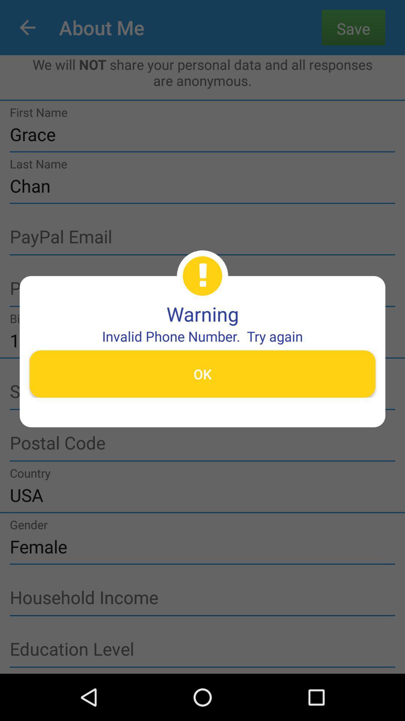 The width and height of the screenshot is (405, 721). Describe the element at coordinates (202, 374) in the screenshot. I see `the item below the invalid phone number item` at that location.